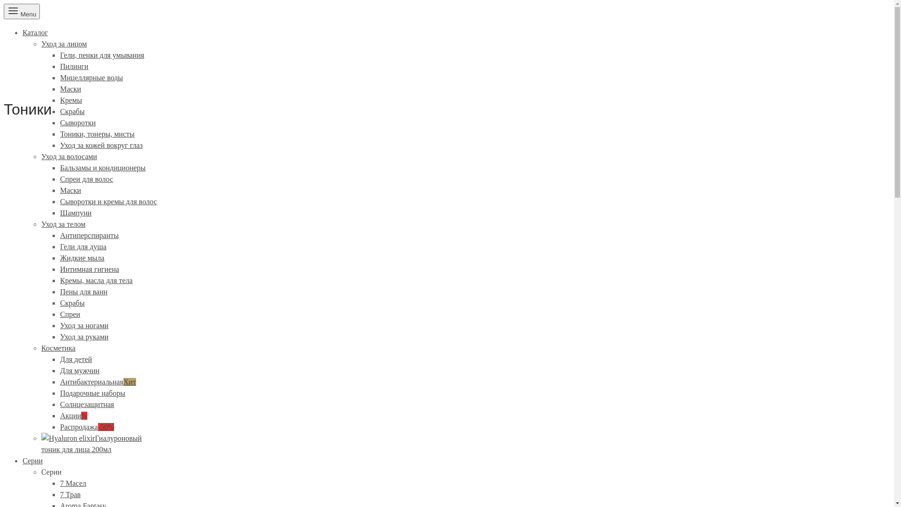 The height and width of the screenshot is (507, 901). Describe the element at coordinates (22, 11) in the screenshot. I see `'Menu'` at that location.